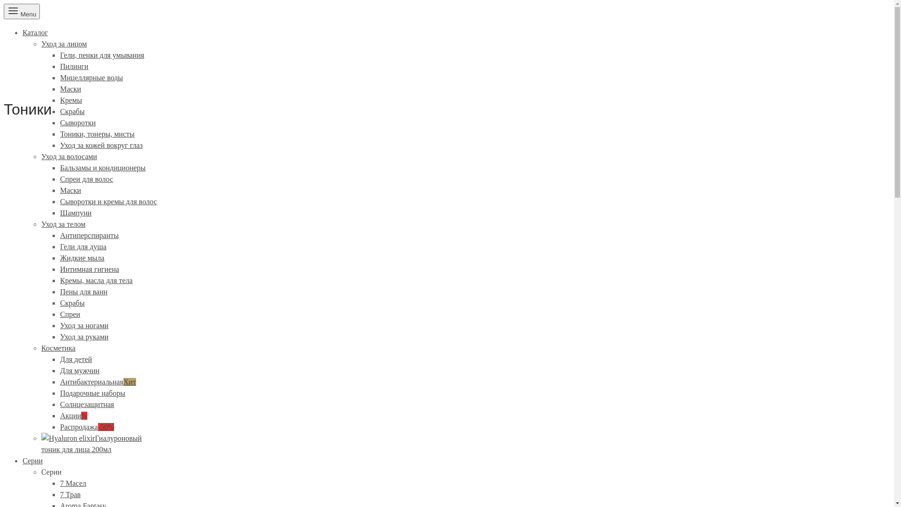 The height and width of the screenshot is (507, 901). Describe the element at coordinates (22, 11) in the screenshot. I see `'Menu'` at that location.